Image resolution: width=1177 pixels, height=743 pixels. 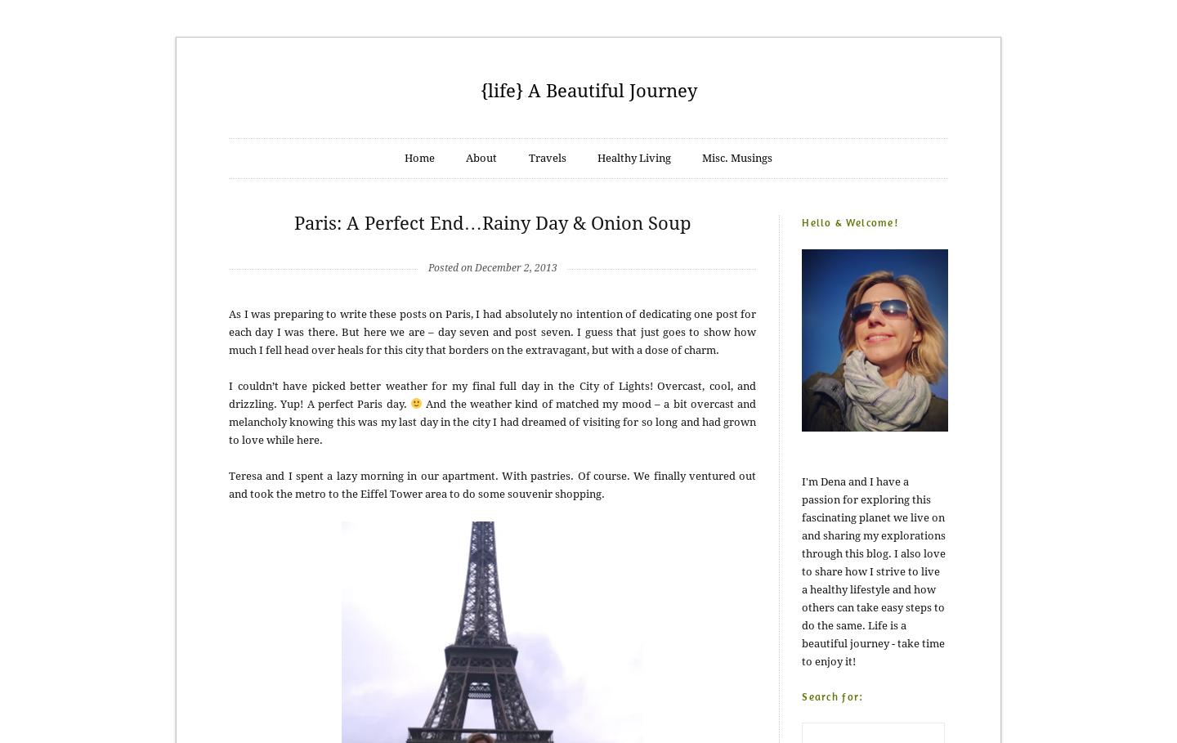 What do you see at coordinates (491, 395) in the screenshot?
I see `'I couldn’t have picked better weather for my final full day in the City of Lights! Overcast, cool, and drizzling. Yup! A perfect Paris day.'` at bounding box center [491, 395].